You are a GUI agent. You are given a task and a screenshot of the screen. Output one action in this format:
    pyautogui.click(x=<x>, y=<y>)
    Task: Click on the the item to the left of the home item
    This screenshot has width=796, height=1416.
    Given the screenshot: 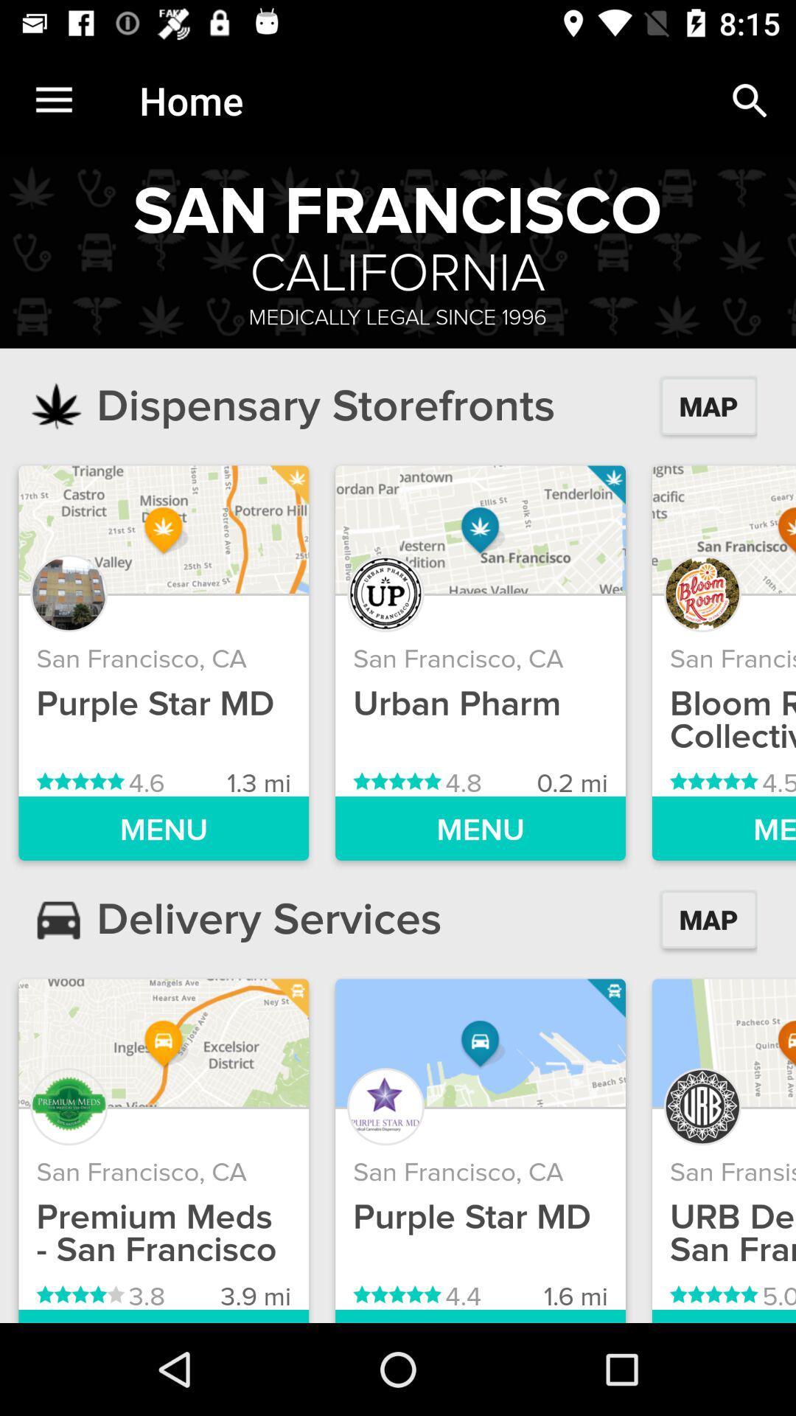 What is the action you would take?
    pyautogui.click(x=53, y=100)
    